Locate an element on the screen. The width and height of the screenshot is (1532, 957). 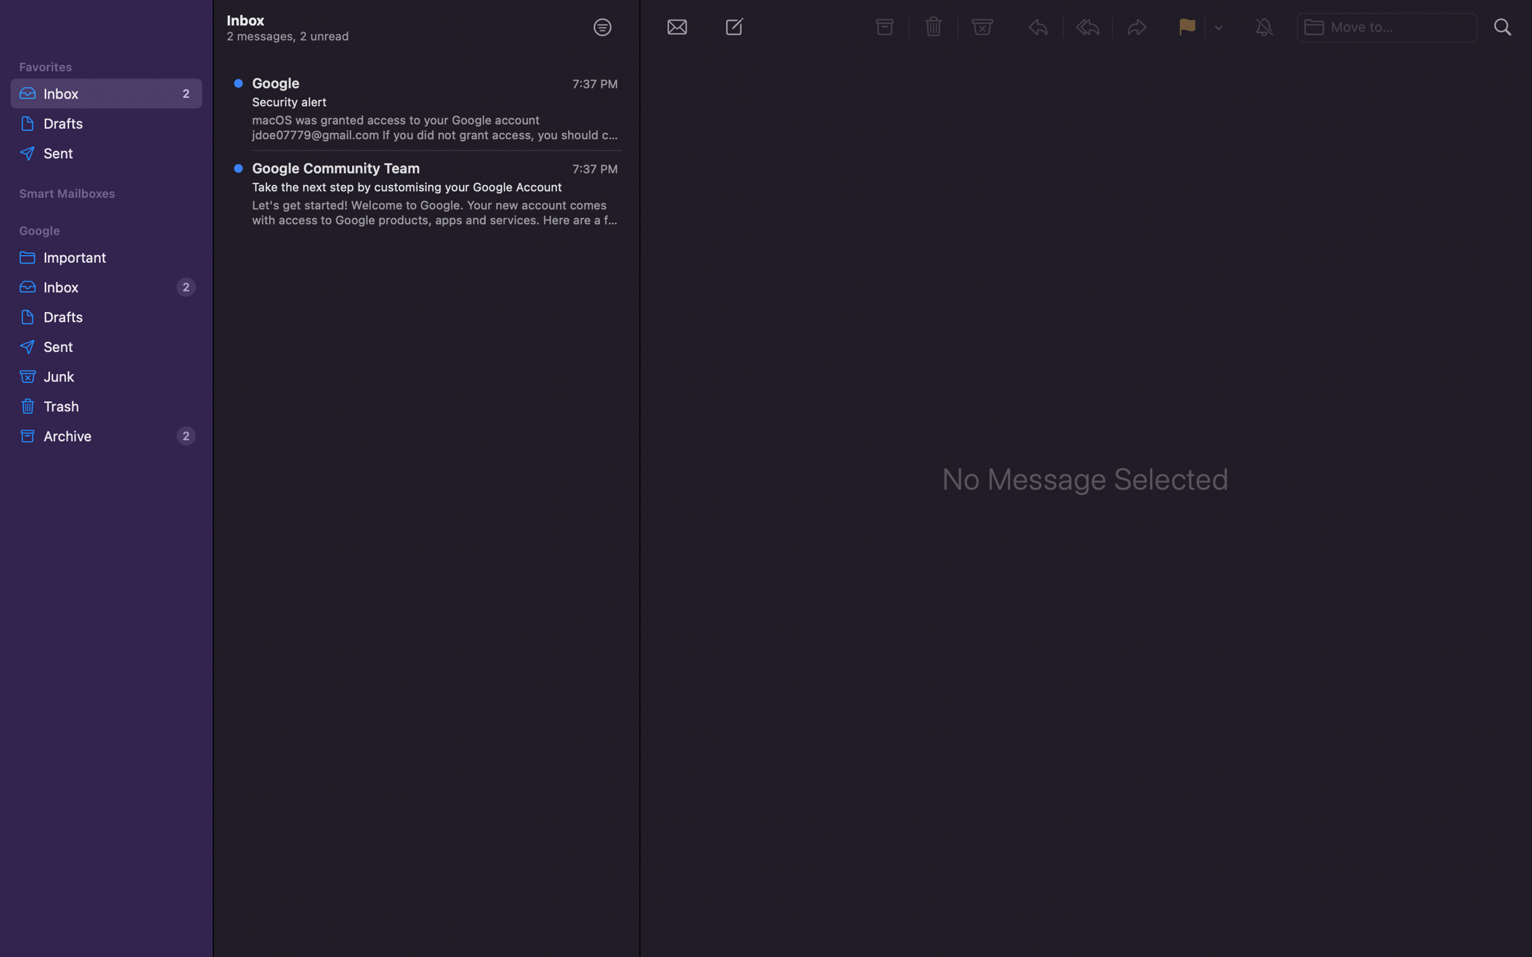
Silence the ongoing chat is located at coordinates (1265, 26).